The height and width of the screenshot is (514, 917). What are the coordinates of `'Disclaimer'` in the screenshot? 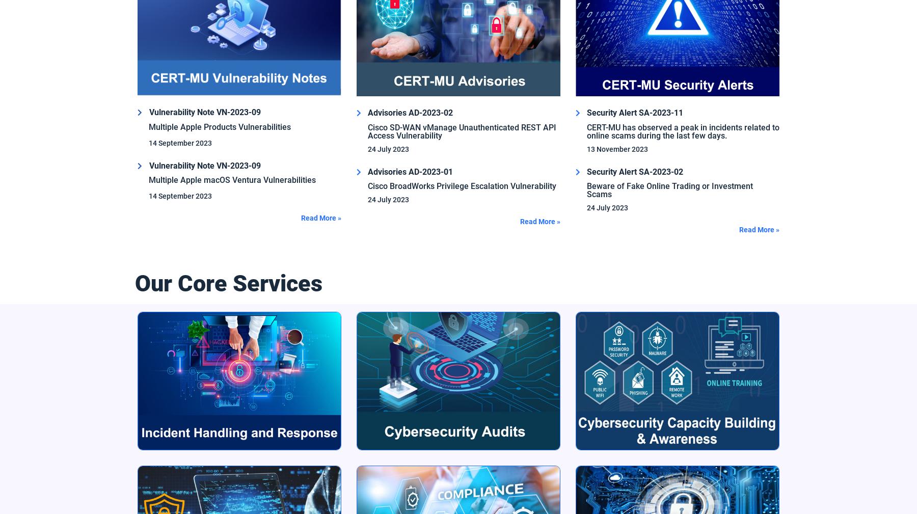 It's located at (238, 443).